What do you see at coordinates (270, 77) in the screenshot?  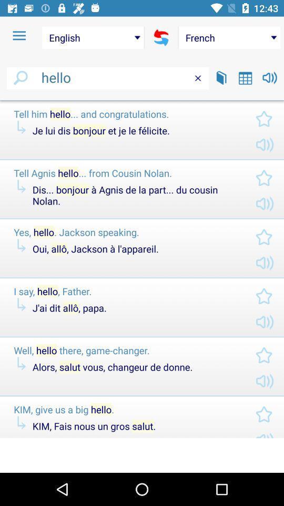 I see `speach` at bounding box center [270, 77].